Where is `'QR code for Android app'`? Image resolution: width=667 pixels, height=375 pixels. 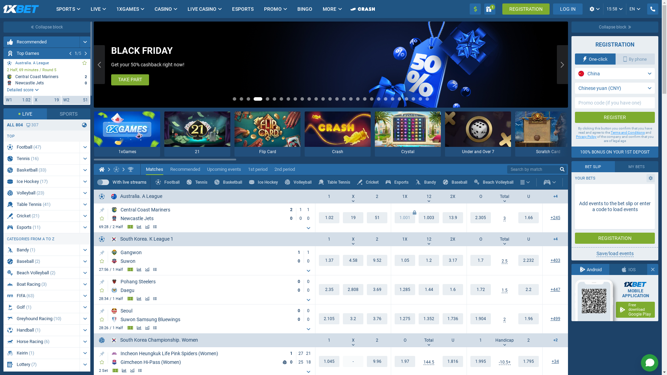 'QR code for Android app' is located at coordinates (593, 301).